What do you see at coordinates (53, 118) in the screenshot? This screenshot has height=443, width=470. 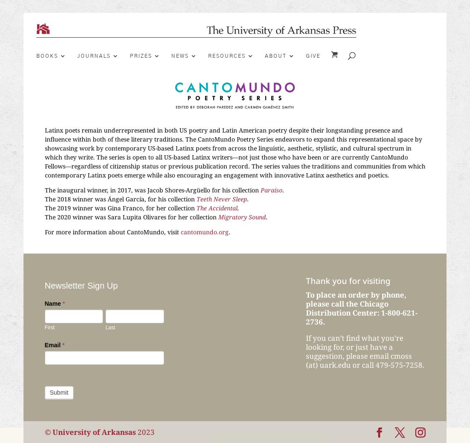 I see `'By Season'` at bounding box center [53, 118].